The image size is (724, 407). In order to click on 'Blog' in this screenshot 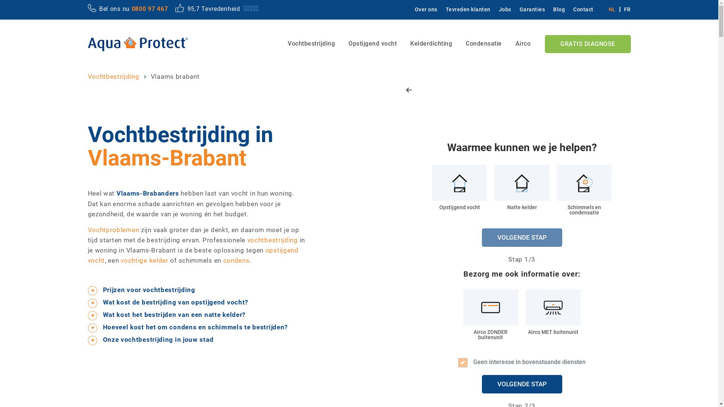, I will do `click(557, 9)`.